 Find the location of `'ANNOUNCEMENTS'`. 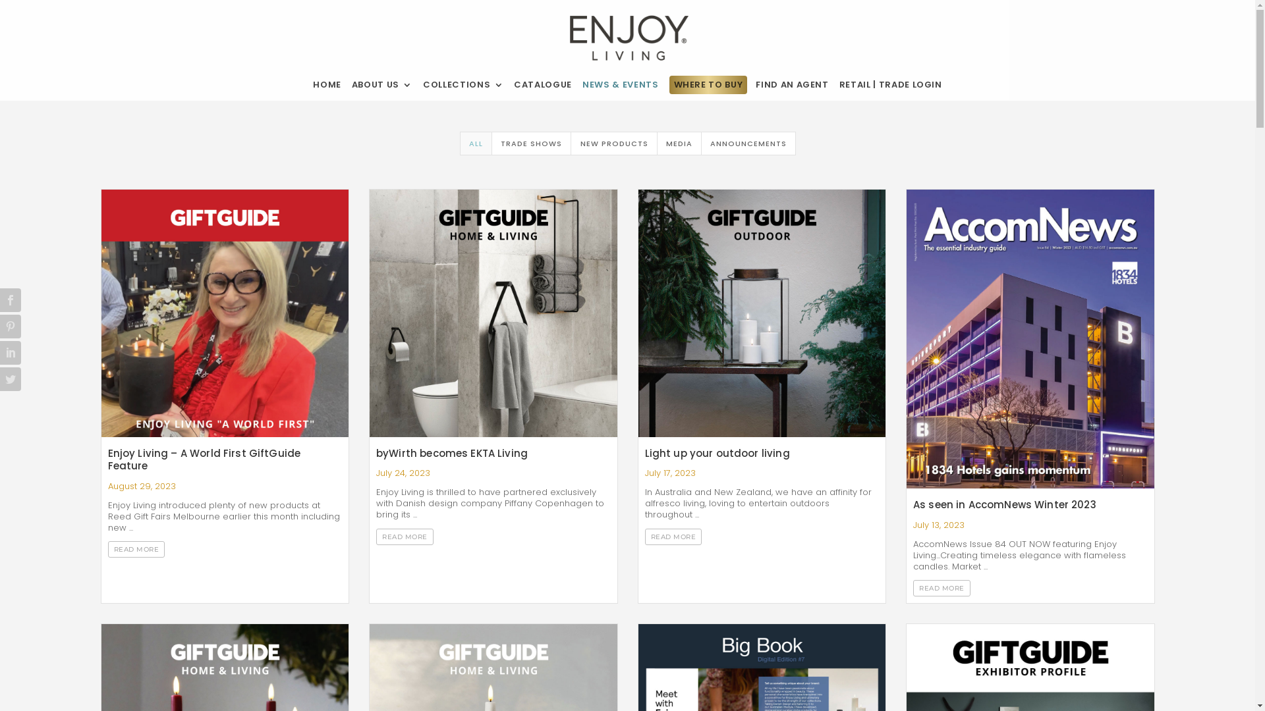

'ANNOUNCEMENTS' is located at coordinates (748, 144).